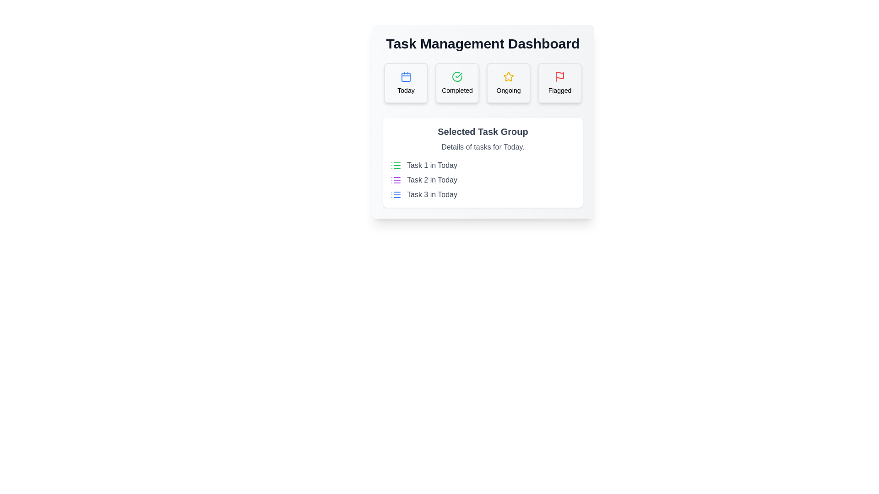 The width and height of the screenshot is (879, 494). Describe the element at coordinates (559, 75) in the screenshot. I see `the red-flag-shaped SVG graphic icon representing the 'Flagged' option located within the fourth button of the action buttons at the top of the task management dashboard` at that location.